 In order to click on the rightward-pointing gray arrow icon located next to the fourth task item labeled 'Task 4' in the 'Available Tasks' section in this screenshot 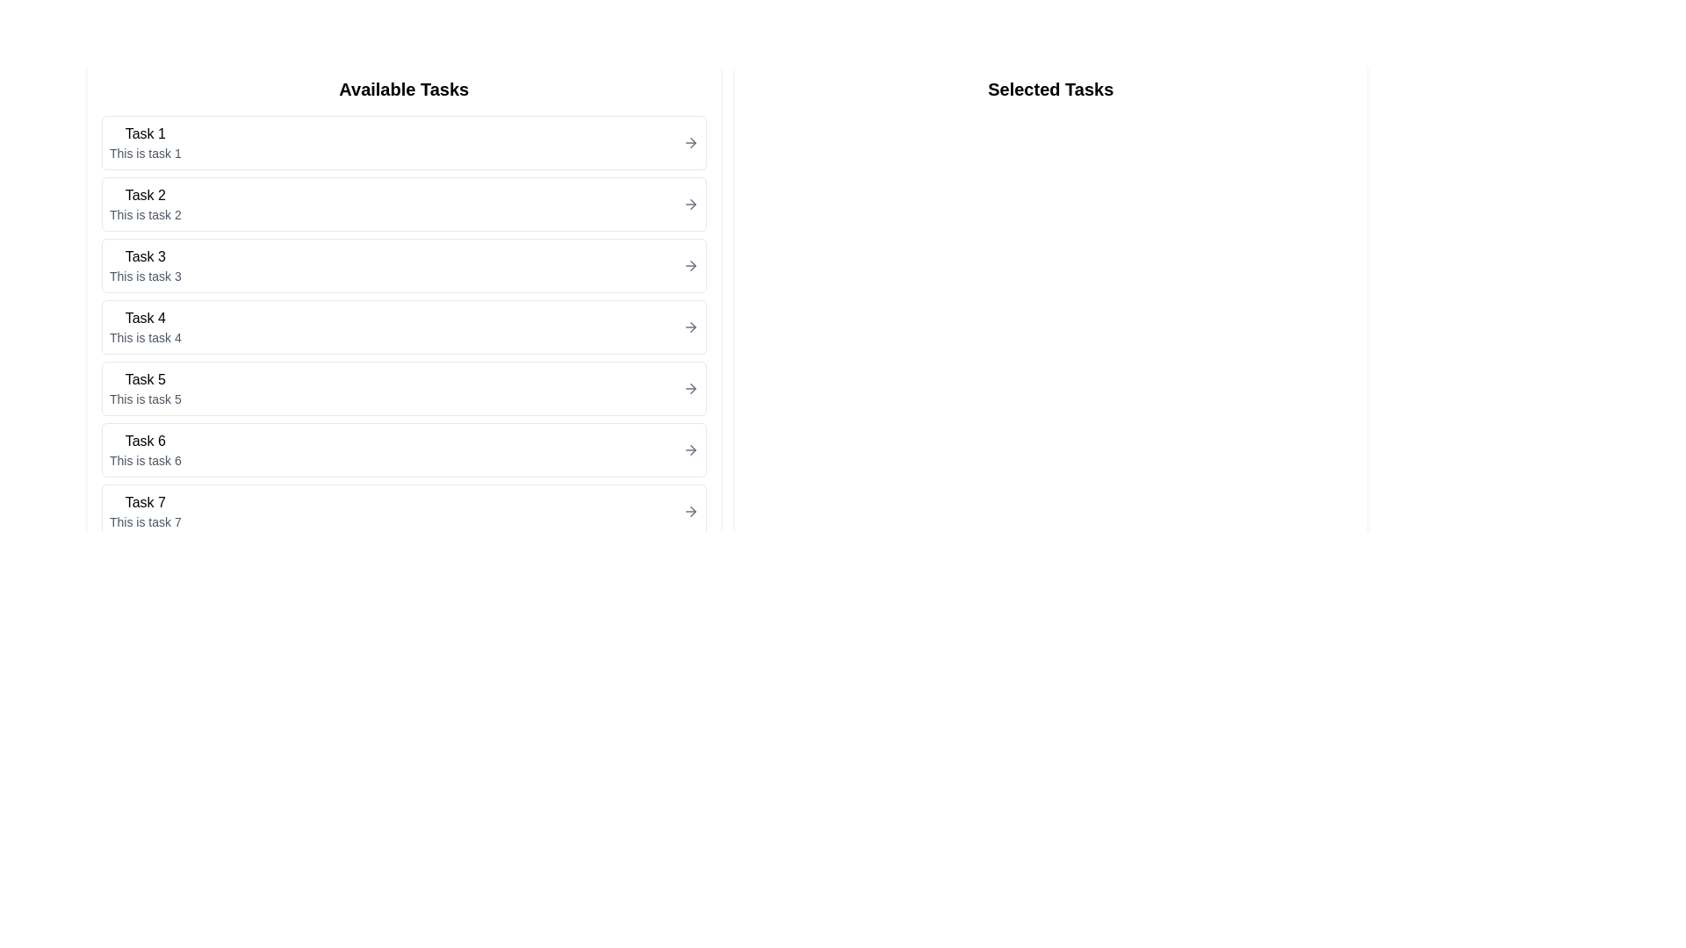, I will do `click(689, 266)`.